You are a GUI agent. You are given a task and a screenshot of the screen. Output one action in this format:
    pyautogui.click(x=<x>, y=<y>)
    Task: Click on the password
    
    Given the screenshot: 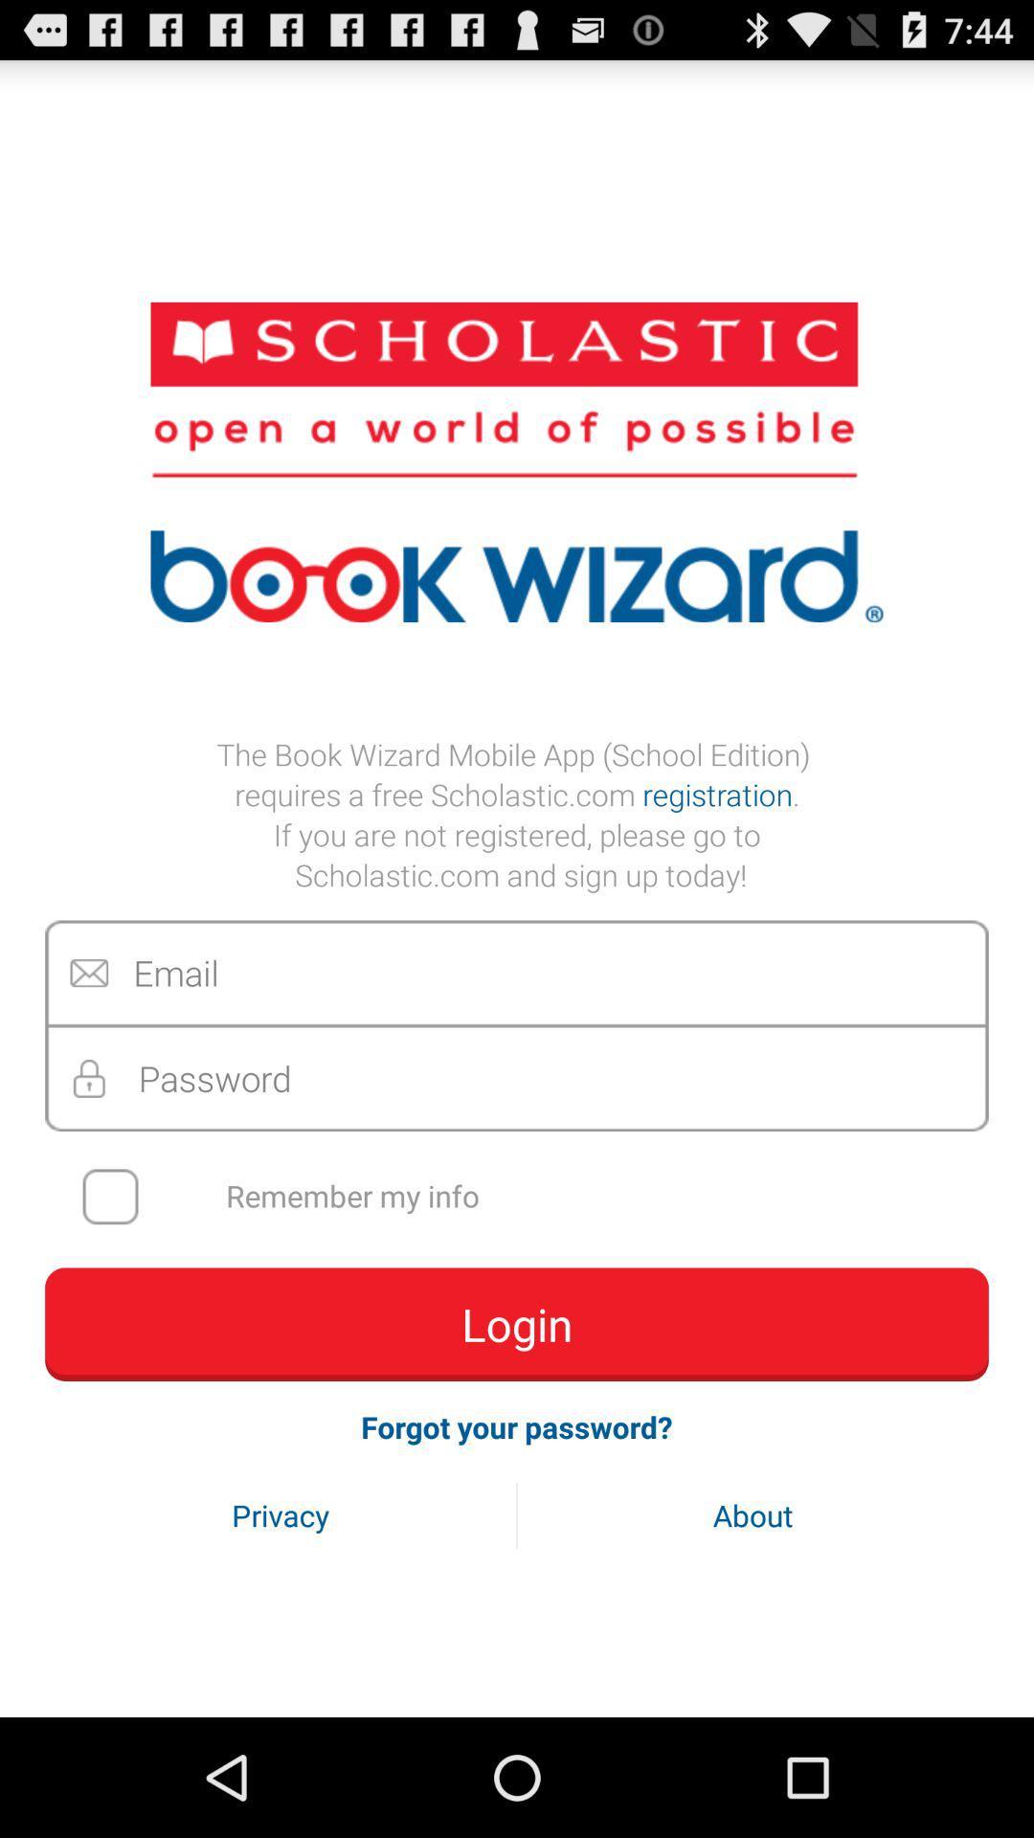 What is the action you would take?
    pyautogui.click(x=517, y=1078)
    